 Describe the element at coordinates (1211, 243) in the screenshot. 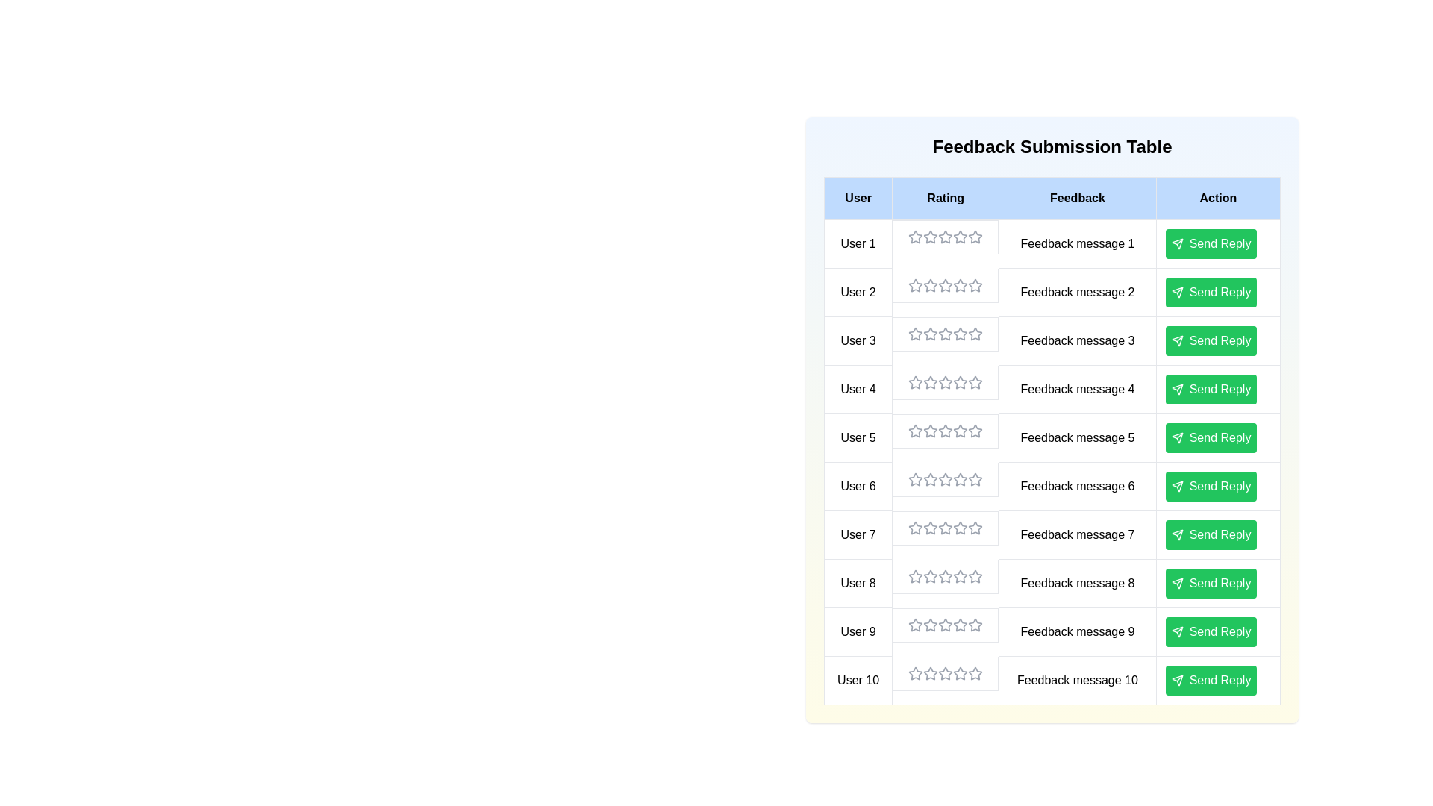

I see `the 'Send Reply' button for a specific user` at that location.